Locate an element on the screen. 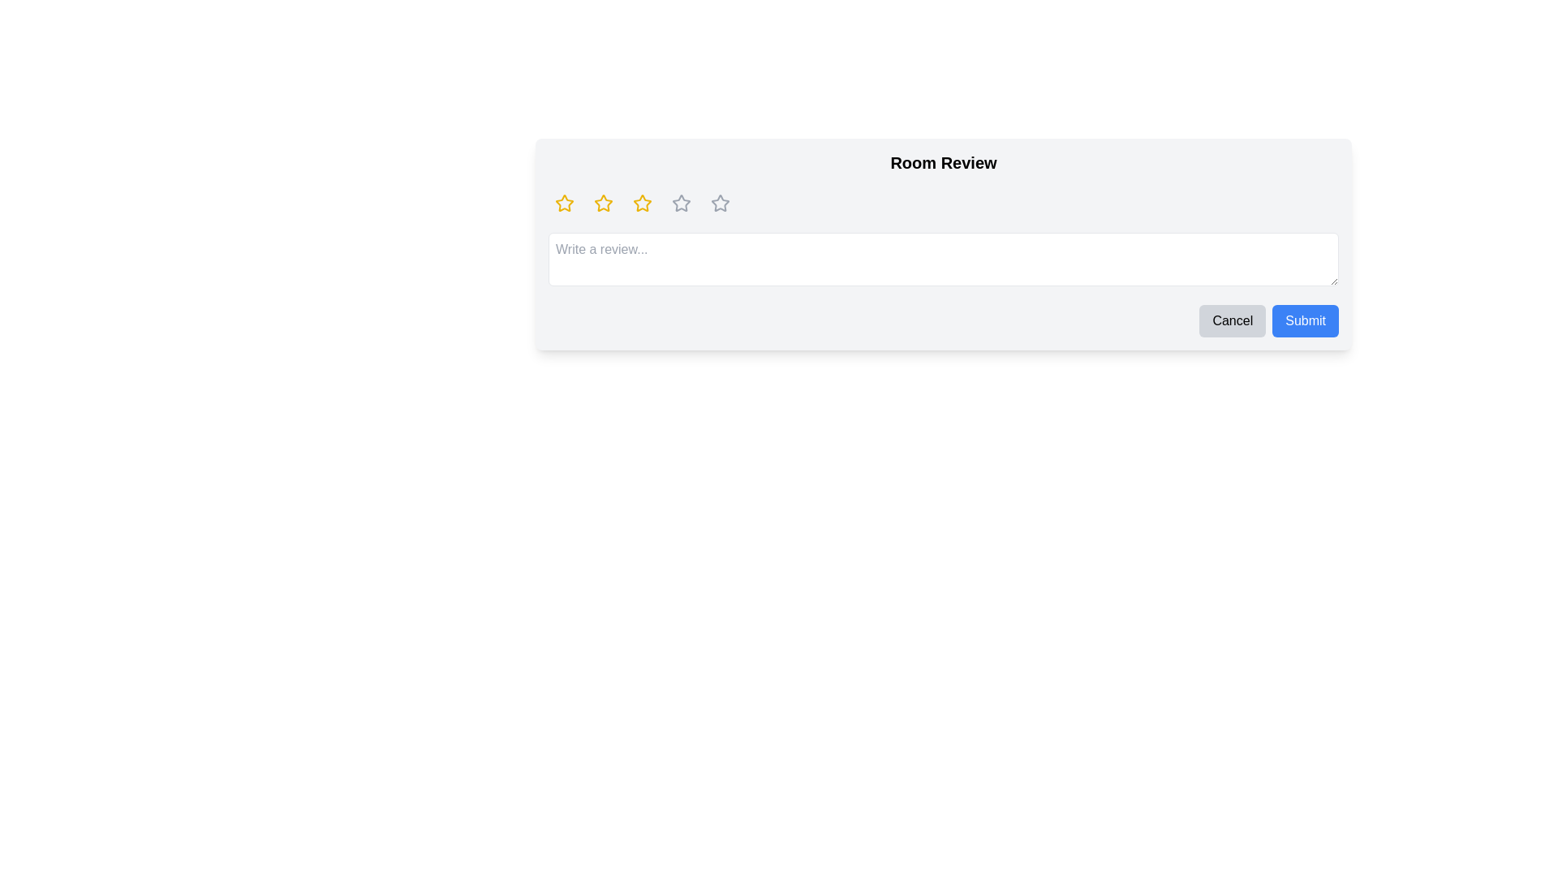 The width and height of the screenshot is (1558, 876). the third golden, outlined star icon in the five-star rating system is located at coordinates (642, 202).